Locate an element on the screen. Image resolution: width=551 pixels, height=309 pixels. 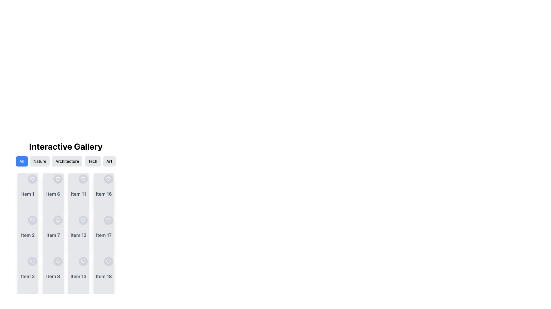
the interactive button located at the top-right corner of the 'Item 1' card is located at coordinates (32, 179).